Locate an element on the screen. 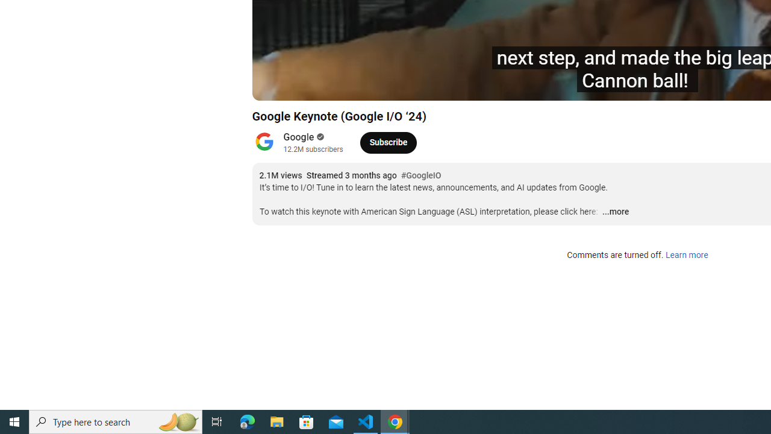  'Verified' is located at coordinates (319, 136).